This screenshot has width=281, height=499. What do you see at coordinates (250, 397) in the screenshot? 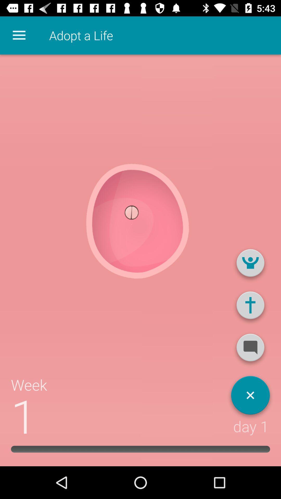
I see `button` at bounding box center [250, 397].